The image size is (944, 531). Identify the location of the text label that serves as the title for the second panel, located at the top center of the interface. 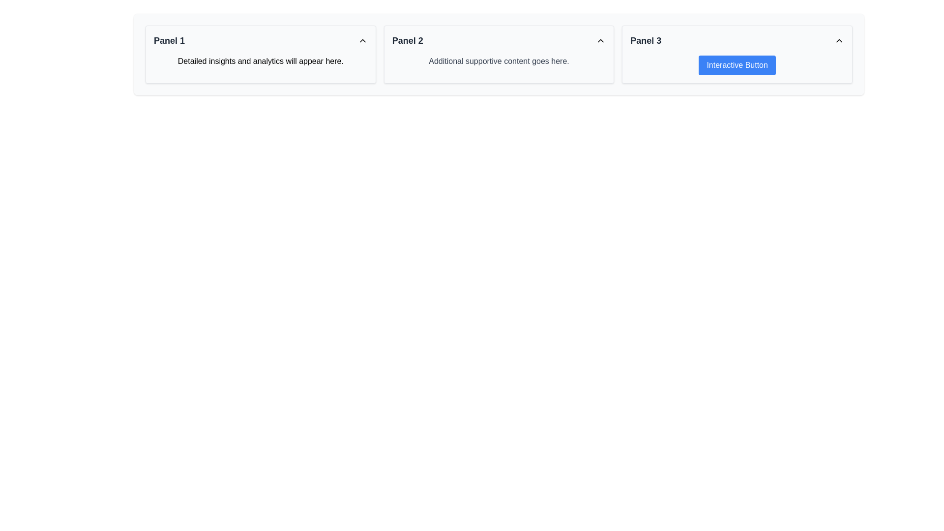
(408, 40).